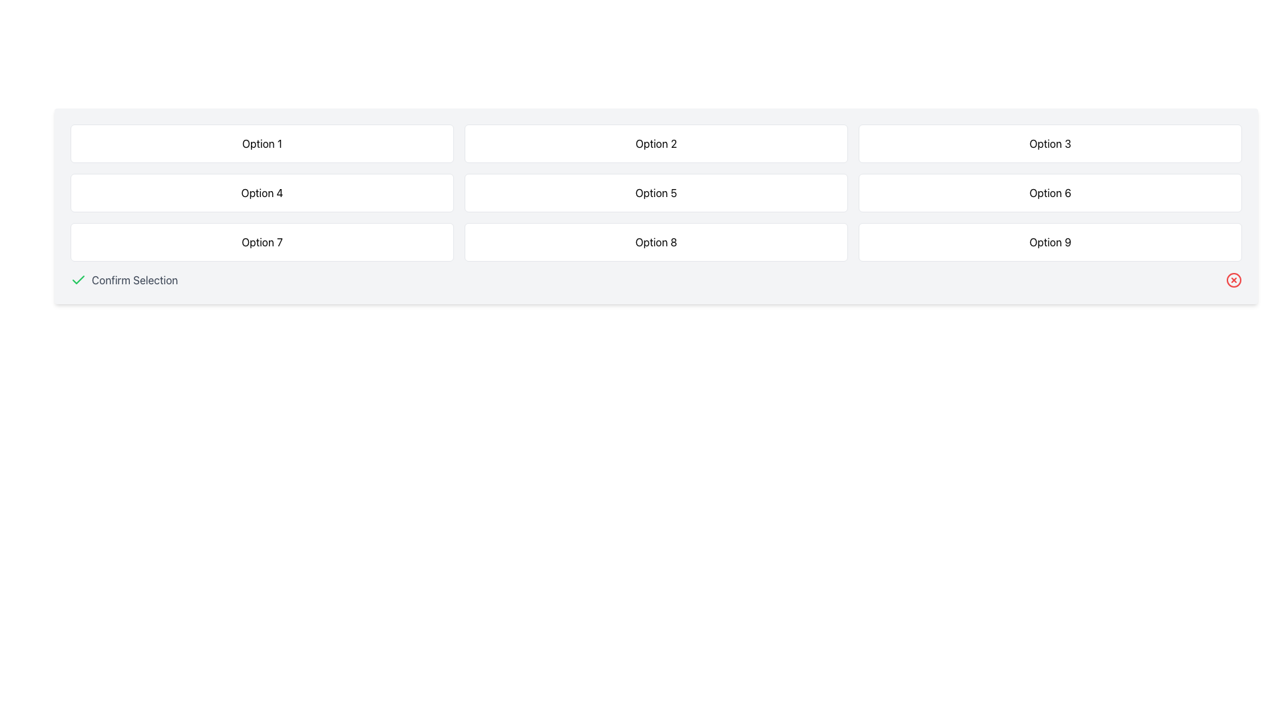 This screenshot has height=719, width=1278. I want to click on the button labeled 'Option 2', which is a rectangular button with rounded corners and a white background, positioned in the first row of a grid layout, so click(656, 144).